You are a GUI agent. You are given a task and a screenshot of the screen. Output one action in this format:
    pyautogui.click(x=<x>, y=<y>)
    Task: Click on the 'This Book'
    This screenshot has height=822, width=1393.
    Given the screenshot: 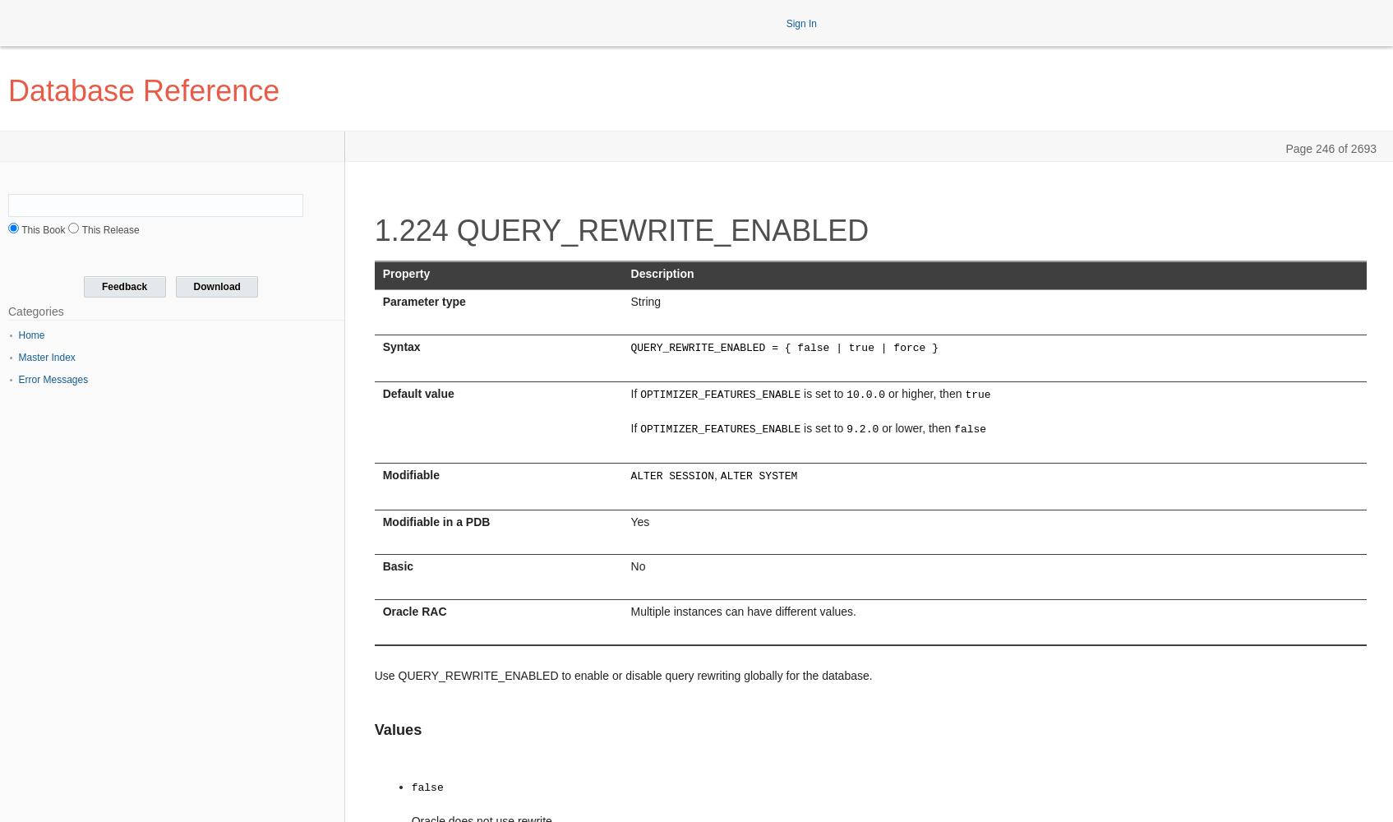 What is the action you would take?
    pyautogui.click(x=43, y=229)
    